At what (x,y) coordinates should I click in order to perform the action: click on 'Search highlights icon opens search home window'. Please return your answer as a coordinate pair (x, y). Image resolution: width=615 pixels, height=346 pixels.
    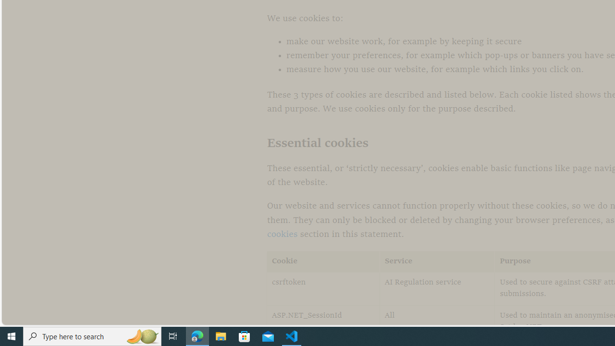
    Looking at the image, I should click on (141, 335).